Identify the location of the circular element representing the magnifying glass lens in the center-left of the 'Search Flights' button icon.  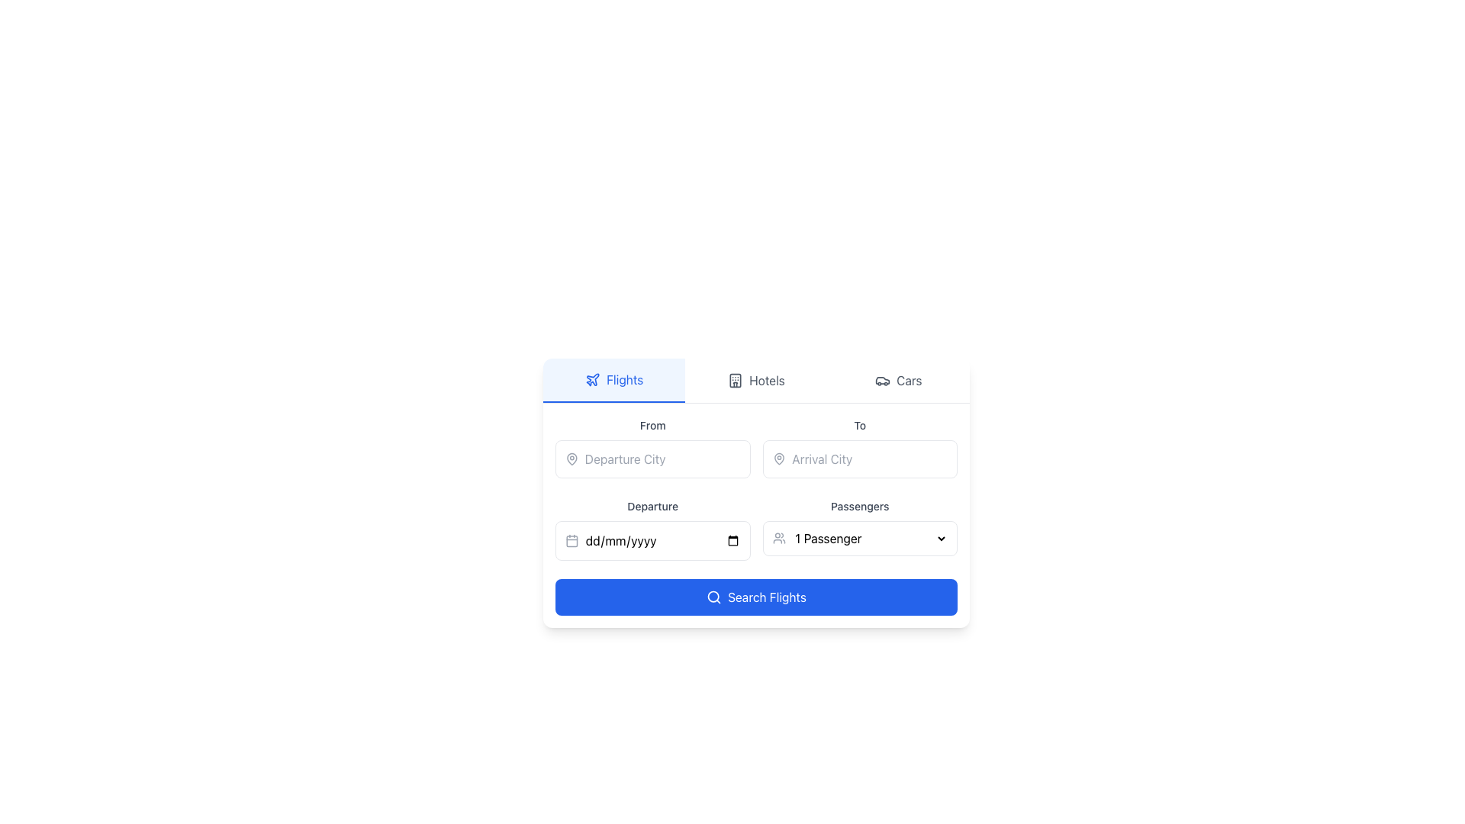
(713, 596).